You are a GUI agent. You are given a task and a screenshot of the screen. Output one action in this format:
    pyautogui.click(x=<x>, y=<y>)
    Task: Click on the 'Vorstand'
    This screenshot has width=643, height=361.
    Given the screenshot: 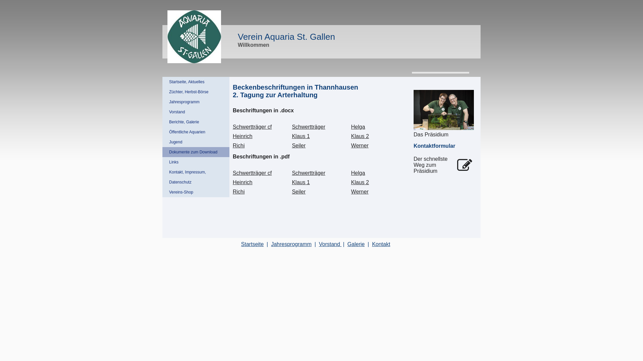 What is the action you would take?
    pyautogui.click(x=196, y=112)
    